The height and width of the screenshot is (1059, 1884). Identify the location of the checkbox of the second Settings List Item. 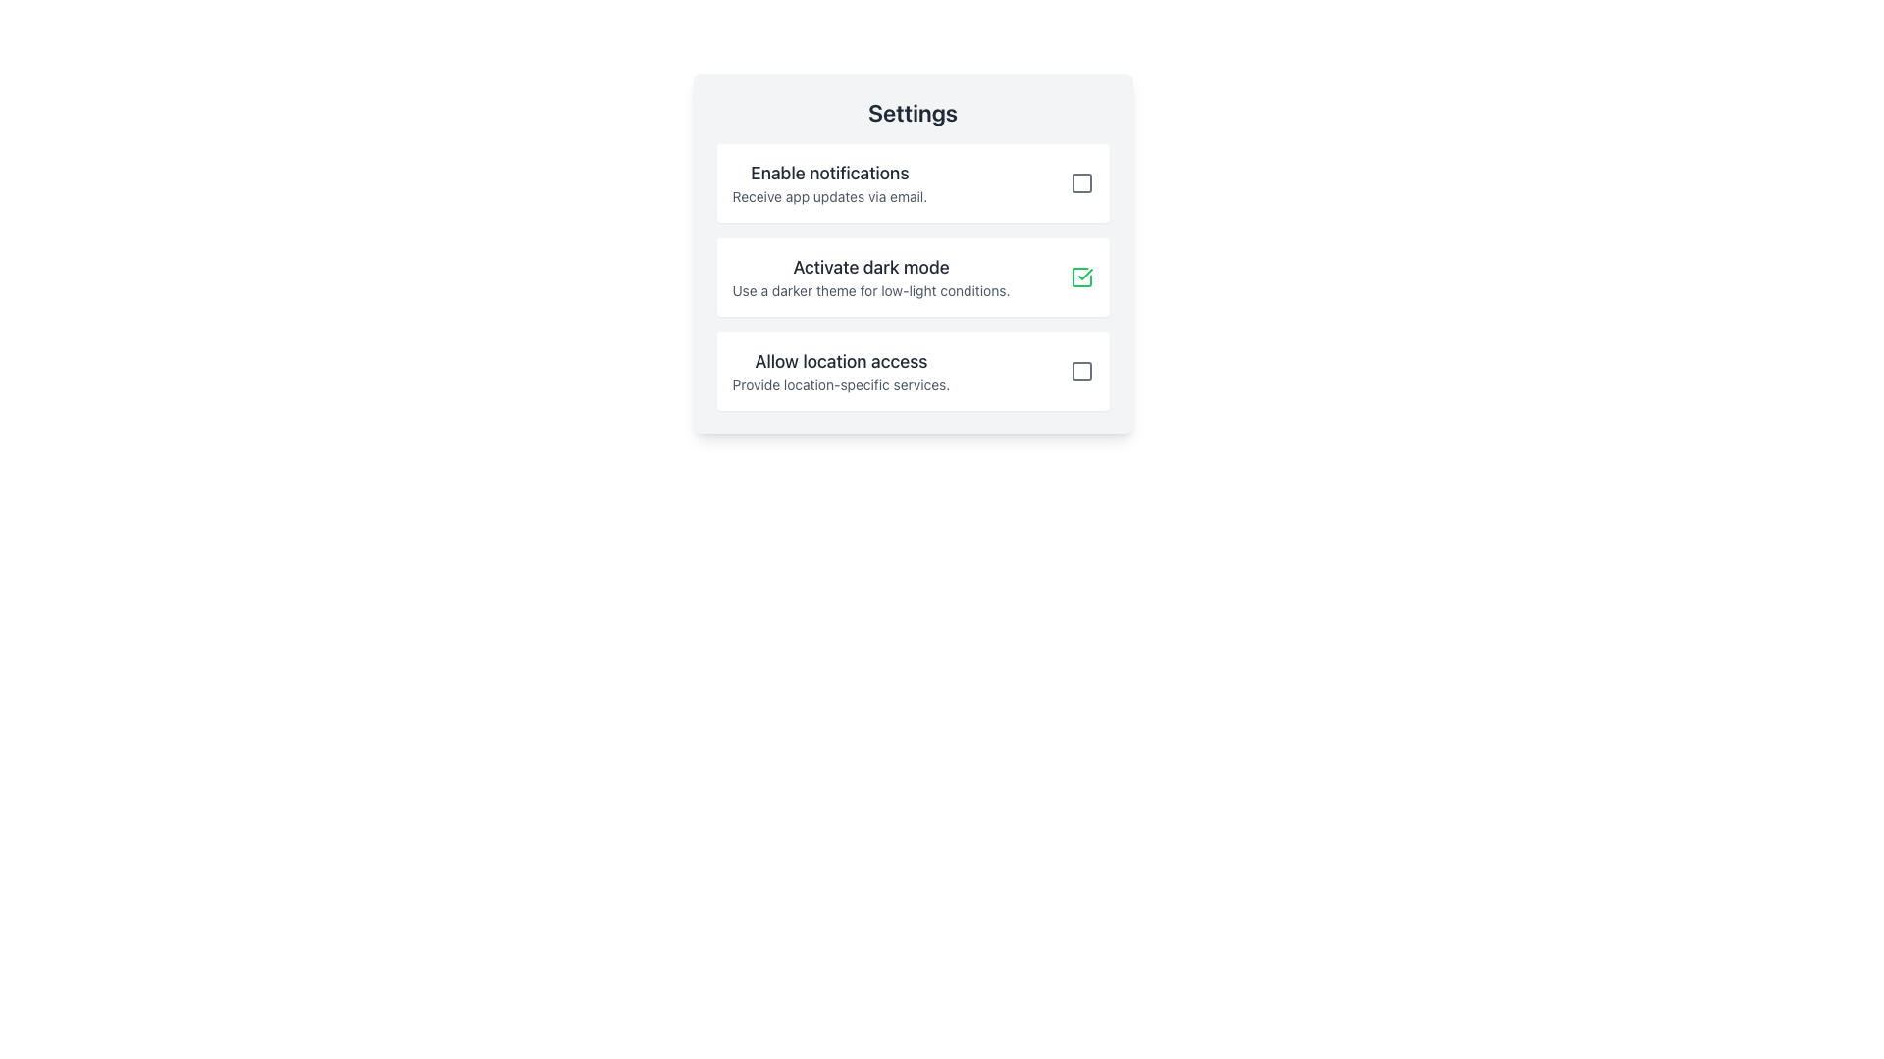
(912, 277).